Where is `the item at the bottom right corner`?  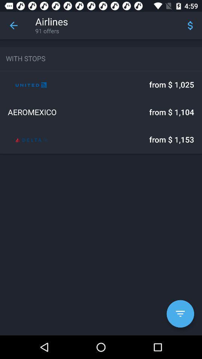
the item at the bottom right corner is located at coordinates (180, 314).